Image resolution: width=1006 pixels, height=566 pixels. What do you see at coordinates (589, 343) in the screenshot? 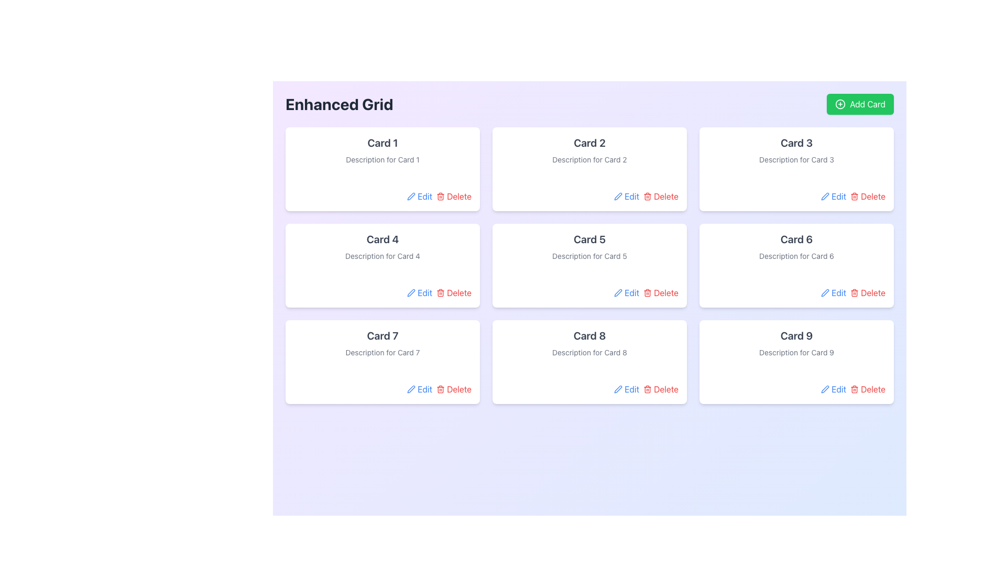
I see `the text display component located in the third row, second column of the grid layout, which provides information about an item with a title and description` at bounding box center [589, 343].